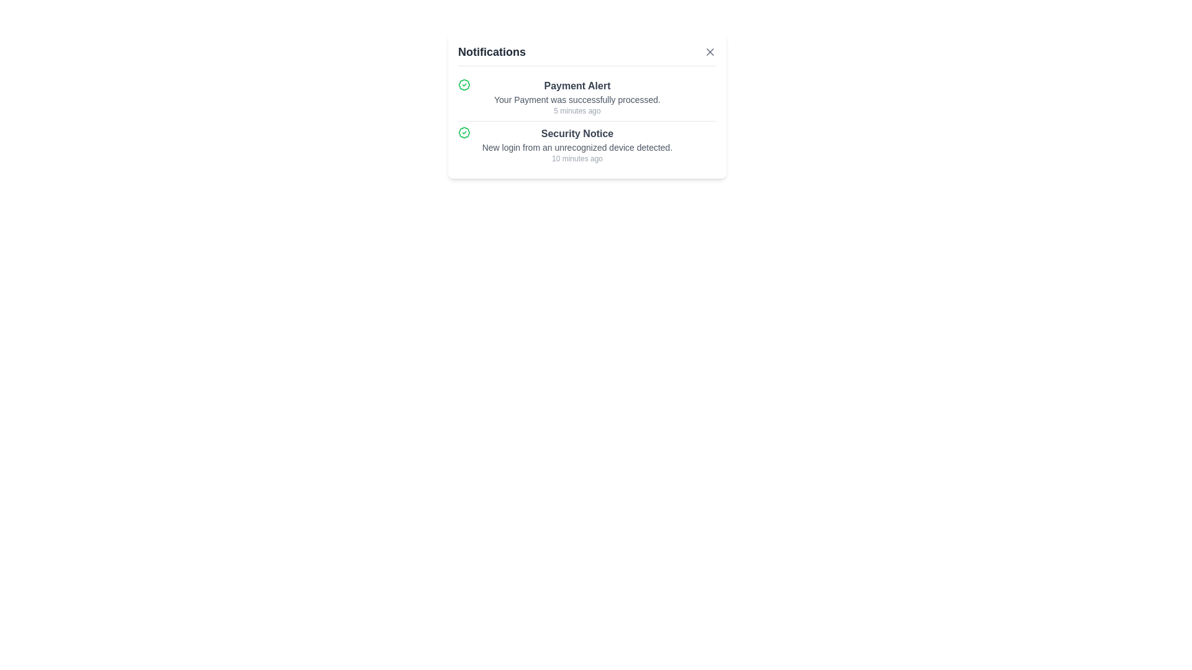 This screenshot has width=1192, height=670. I want to click on the close button located in the top-right corner of the 'Notifications' panel, so click(710, 51).